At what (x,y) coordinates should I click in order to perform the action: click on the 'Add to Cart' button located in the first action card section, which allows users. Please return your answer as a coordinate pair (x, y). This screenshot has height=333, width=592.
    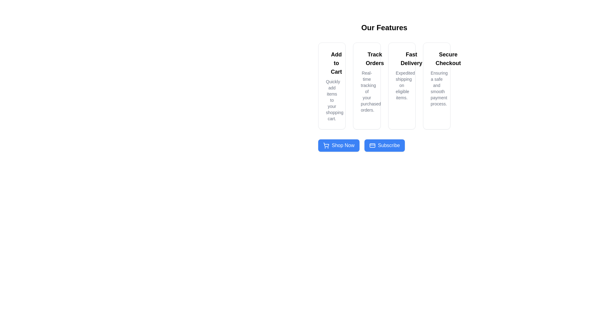
    Looking at the image, I should click on (331, 63).